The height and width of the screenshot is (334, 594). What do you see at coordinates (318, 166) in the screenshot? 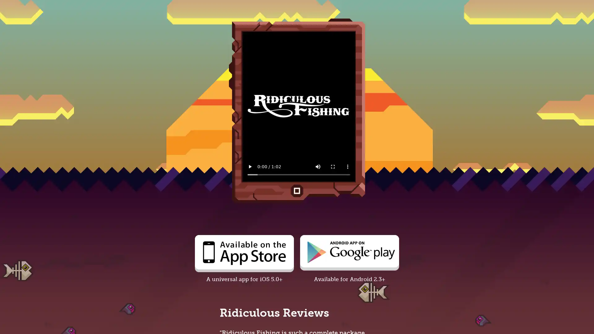
I see `mute` at bounding box center [318, 166].